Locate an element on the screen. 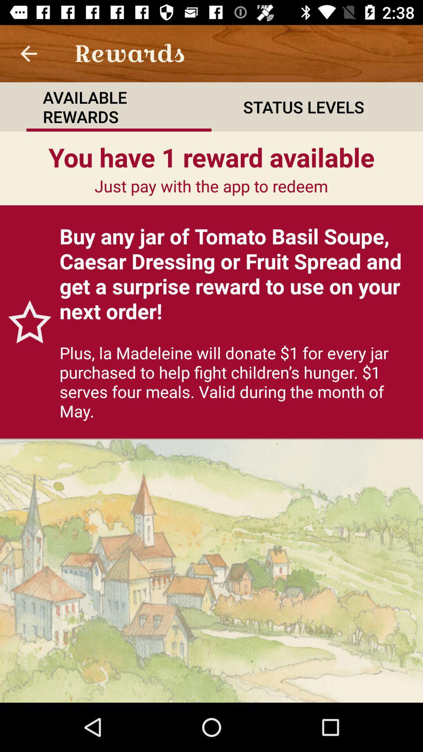 This screenshot has height=752, width=423. icon below just pay with icon is located at coordinates (237, 273).